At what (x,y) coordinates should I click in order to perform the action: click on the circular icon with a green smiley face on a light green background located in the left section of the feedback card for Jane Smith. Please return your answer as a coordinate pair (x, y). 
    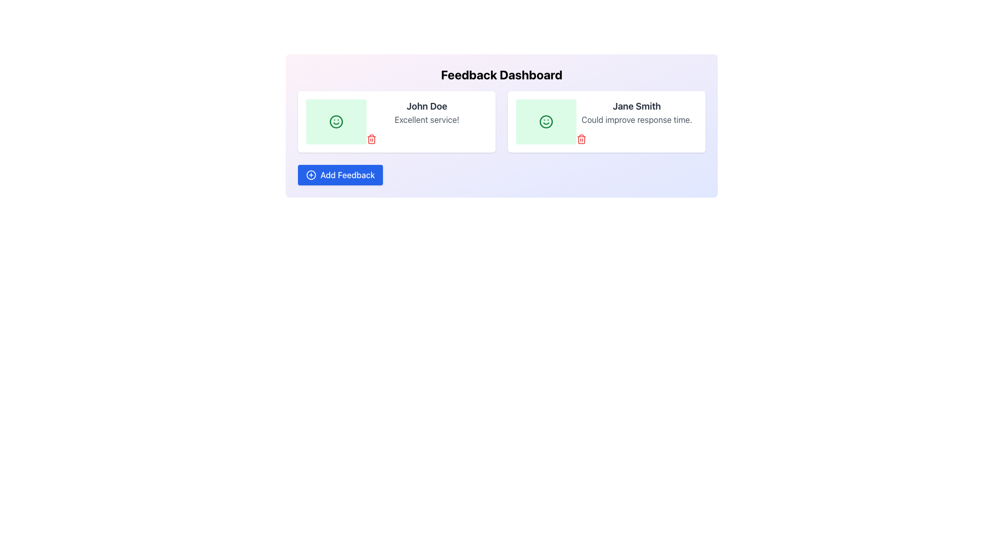
    Looking at the image, I should click on (545, 121).